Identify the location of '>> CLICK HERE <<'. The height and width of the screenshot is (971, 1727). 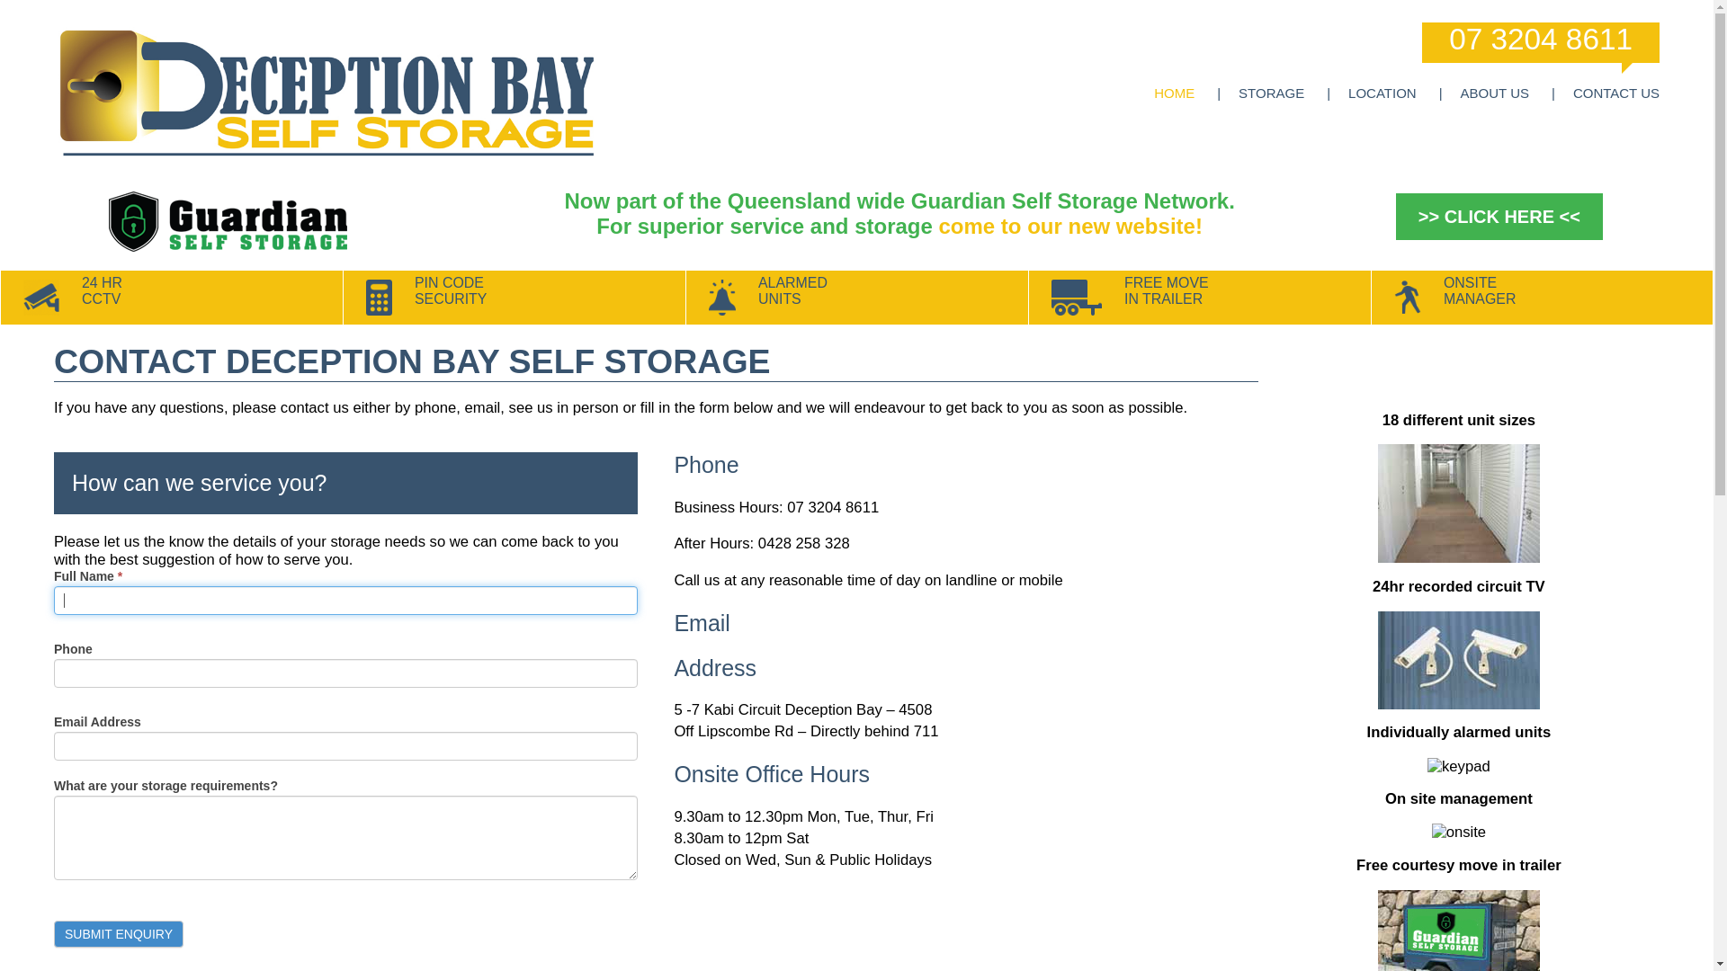
(1499, 215).